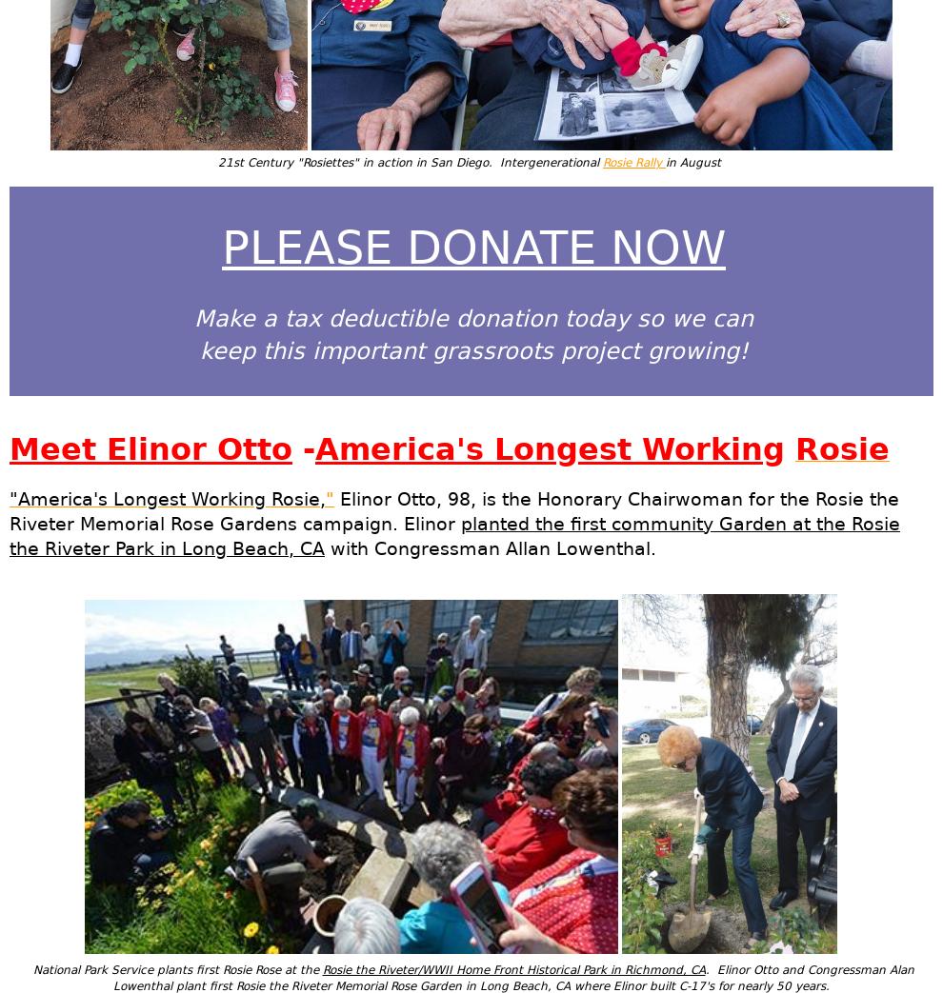  I want to click on 'Rosie the Riveter/WWII Home Front Historical Park in Richmond, CA', so click(512, 970).